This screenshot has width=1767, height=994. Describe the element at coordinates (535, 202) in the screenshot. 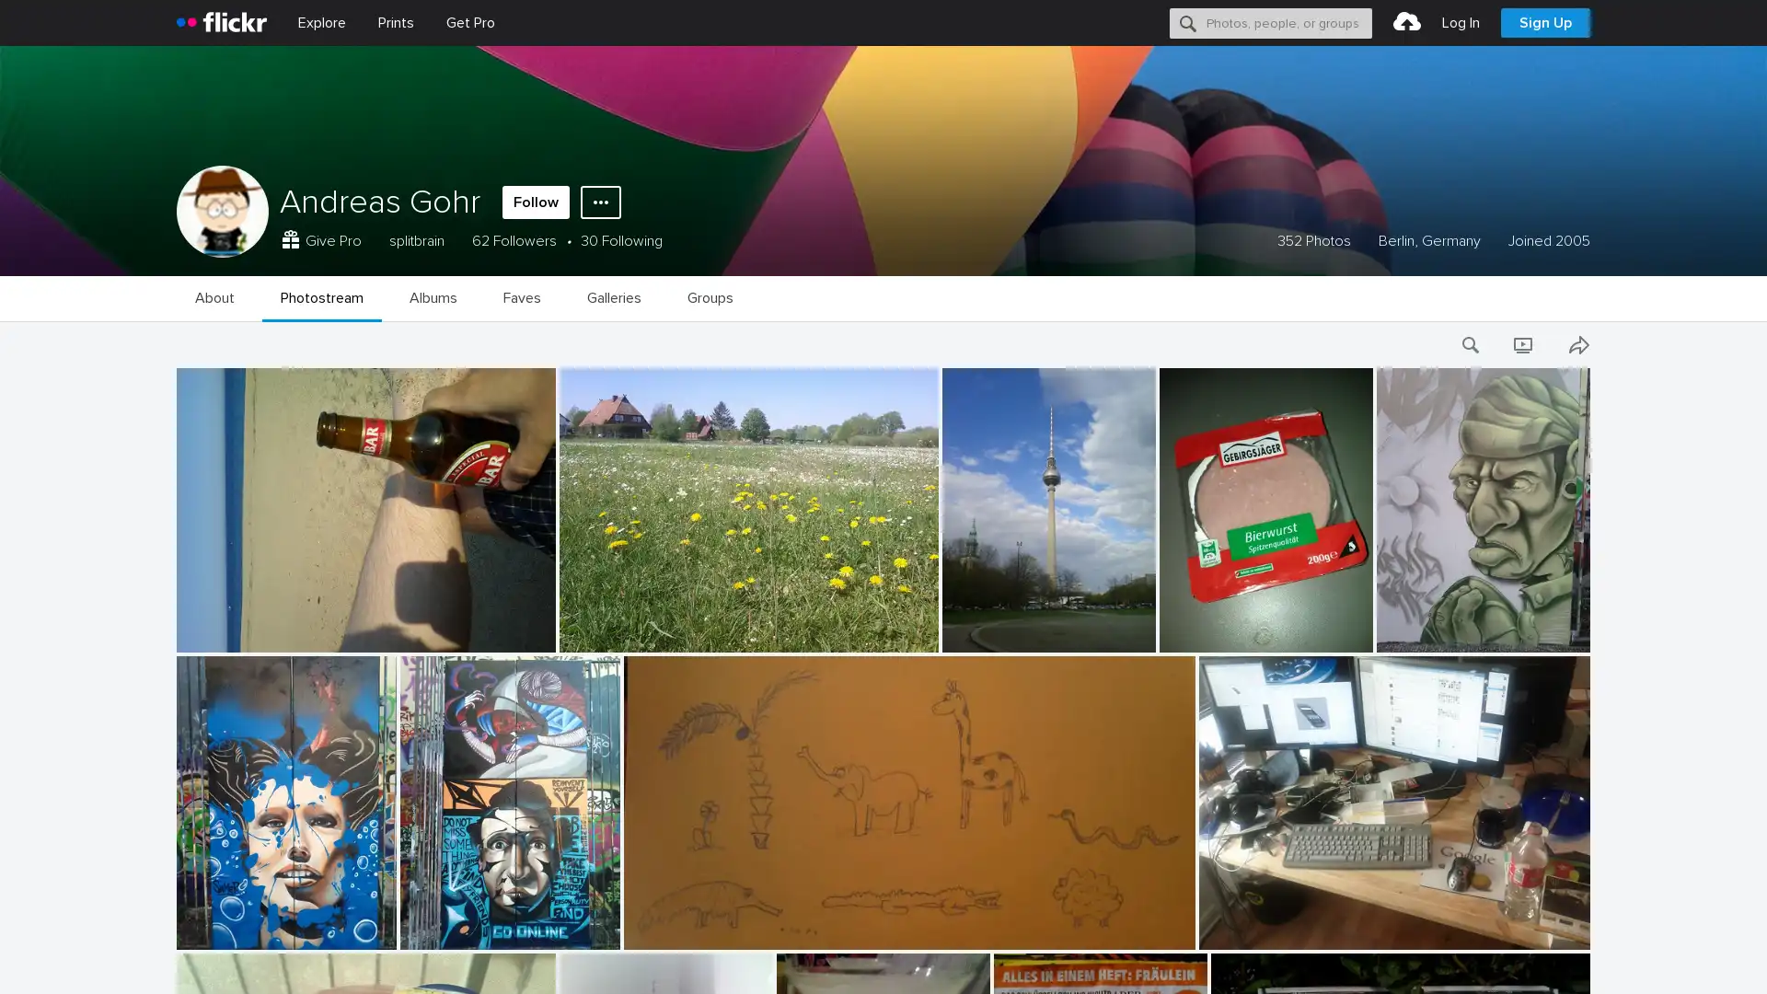

I see `Follow` at that location.